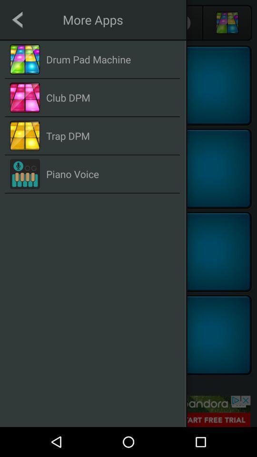  Describe the element at coordinates (128, 22) in the screenshot. I see `the group icon` at that location.